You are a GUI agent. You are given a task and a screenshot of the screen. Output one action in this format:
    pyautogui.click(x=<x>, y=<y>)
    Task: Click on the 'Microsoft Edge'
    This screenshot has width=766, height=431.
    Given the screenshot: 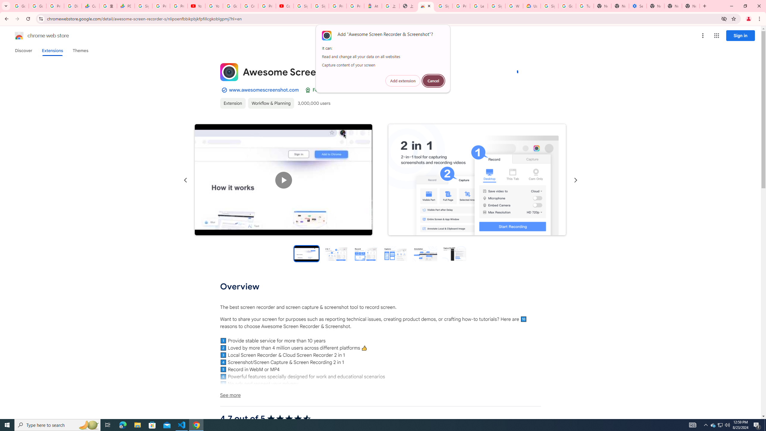 What is the action you would take?
    pyautogui.click(x=122, y=424)
    